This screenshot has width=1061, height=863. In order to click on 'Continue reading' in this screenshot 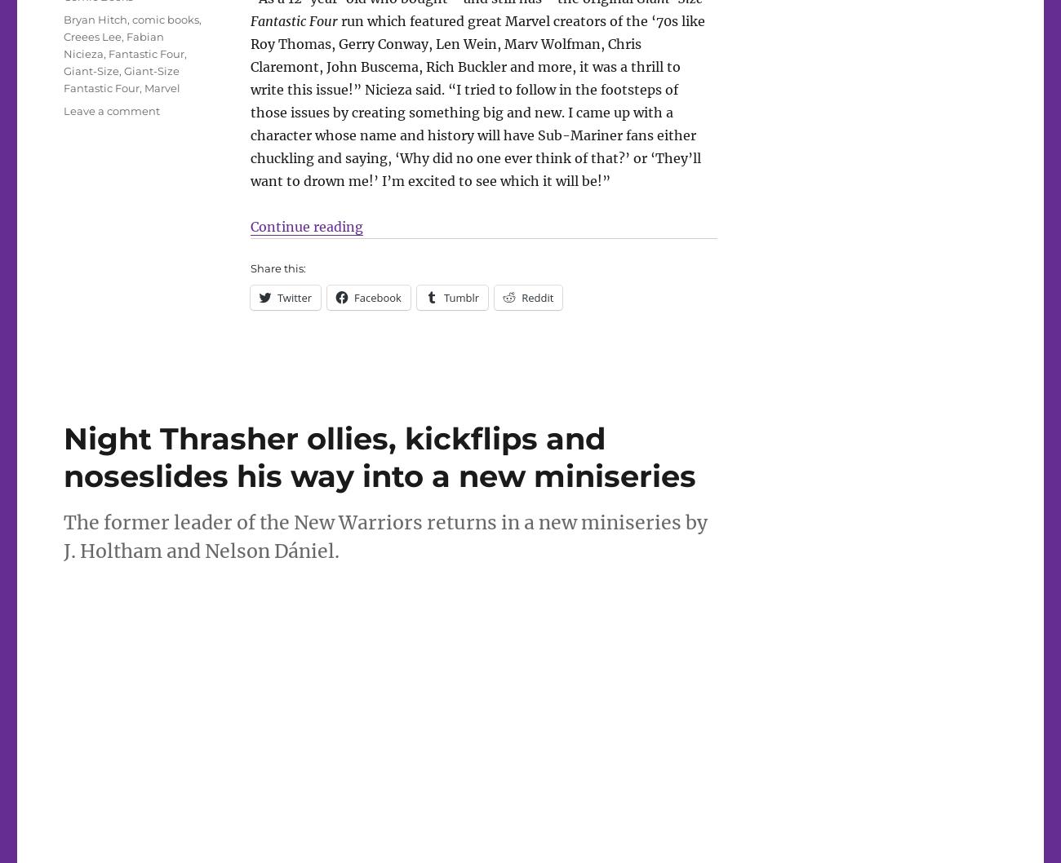, I will do `click(305, 224)`.